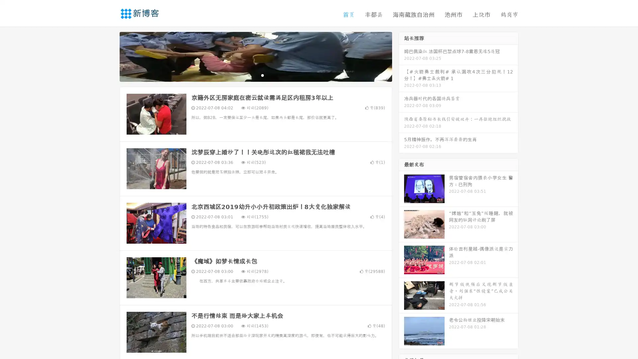 Image resolution: width=638 pixels, height=359 pixels. I want to click on Go to slide 3, so click(262, 75).